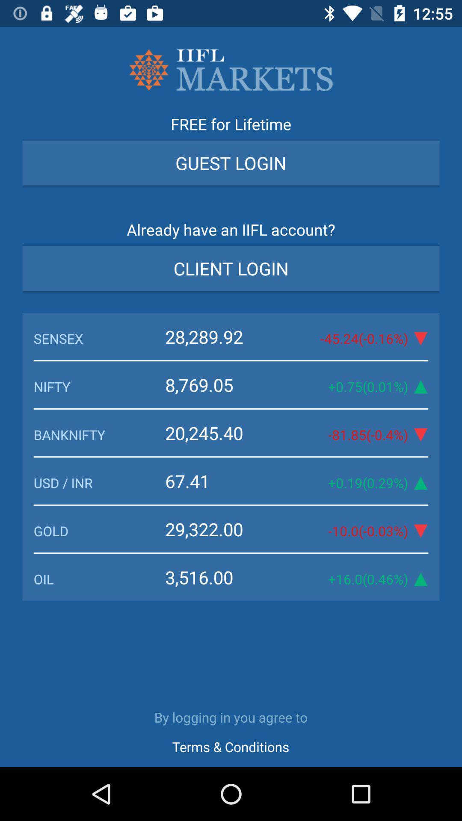  Describe the element at coordinates (99, 338) in the screenshot. I see `the item above the 8,769.05 icon` at that location.